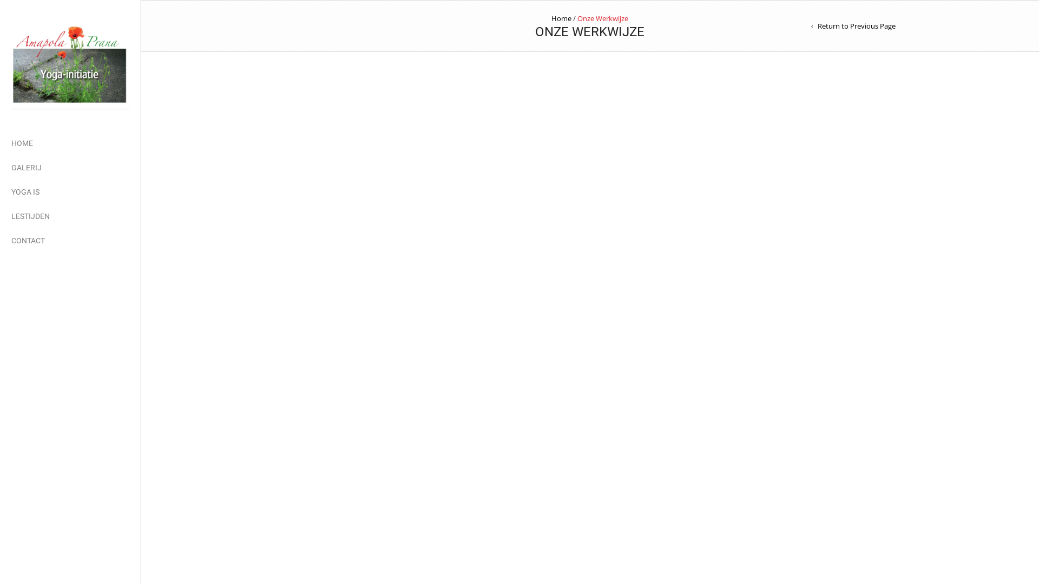 The image size is (1039, 584). Describe the element at coordinates (30, 216) in the screenshot. I see `'LESTIJDEN'` at that location.